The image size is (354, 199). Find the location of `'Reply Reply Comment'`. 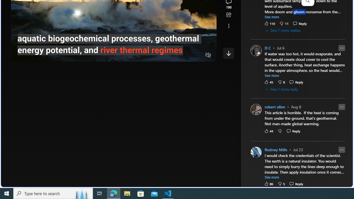

'Reply Reply Comment' is located at coordinates (296, 184).